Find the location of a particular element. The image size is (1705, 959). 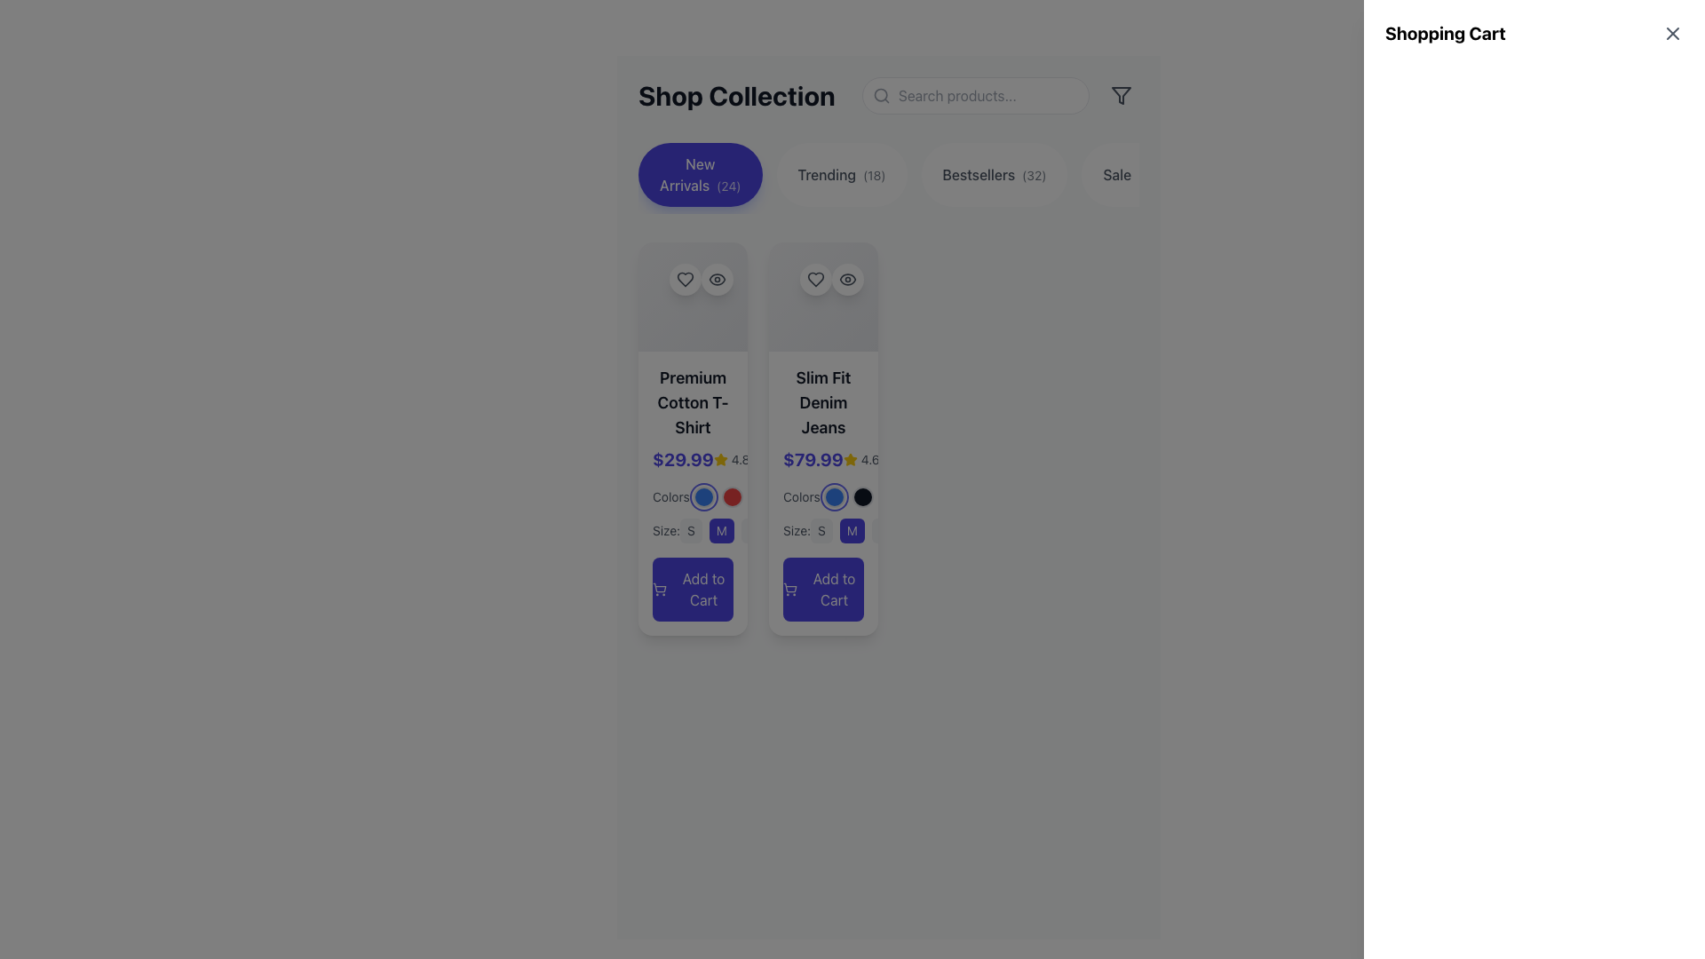

the Rating display showing a rating value of 4.6 next to the price of '$79.99' in the top-right corner of the product card is located at coordinates (861, 458).